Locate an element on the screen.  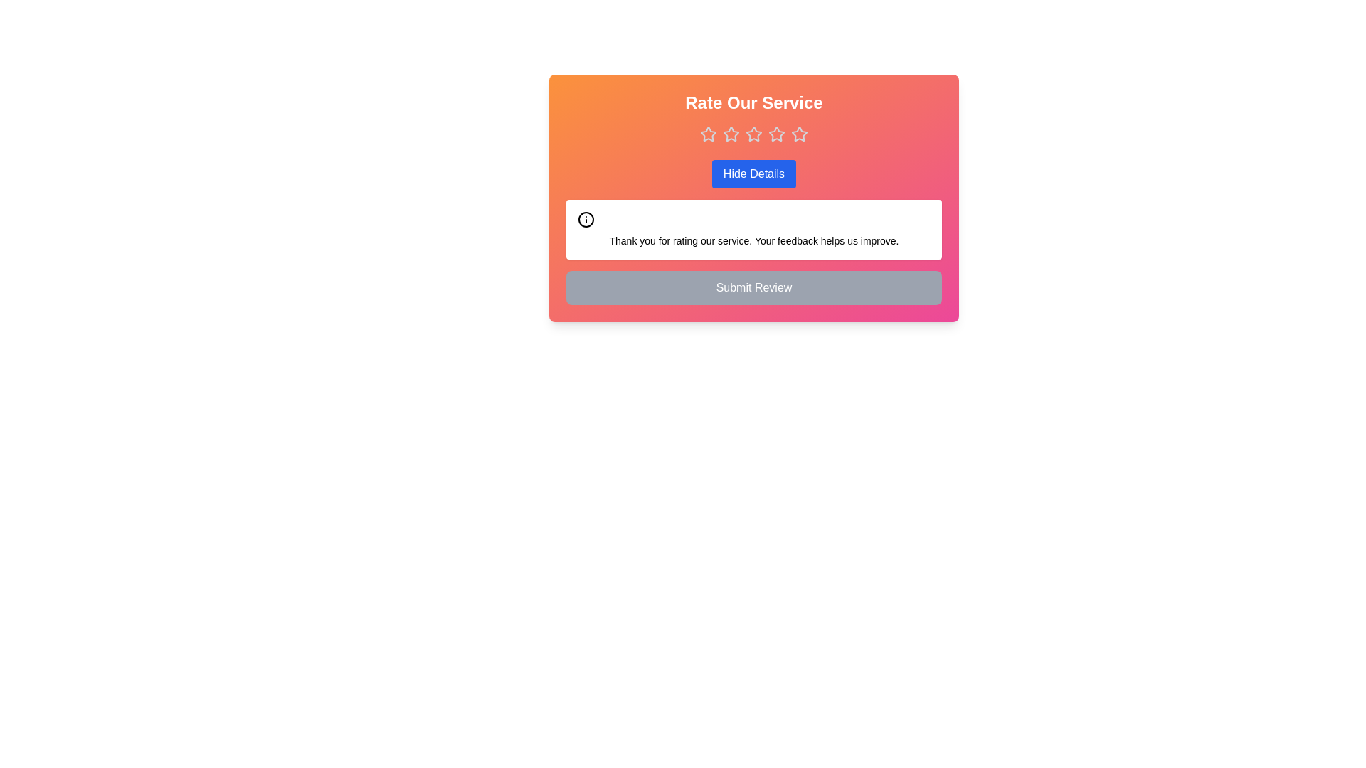
'Hide Details' button to toggle the visibility of additional details is located at coordinates (753, 174).